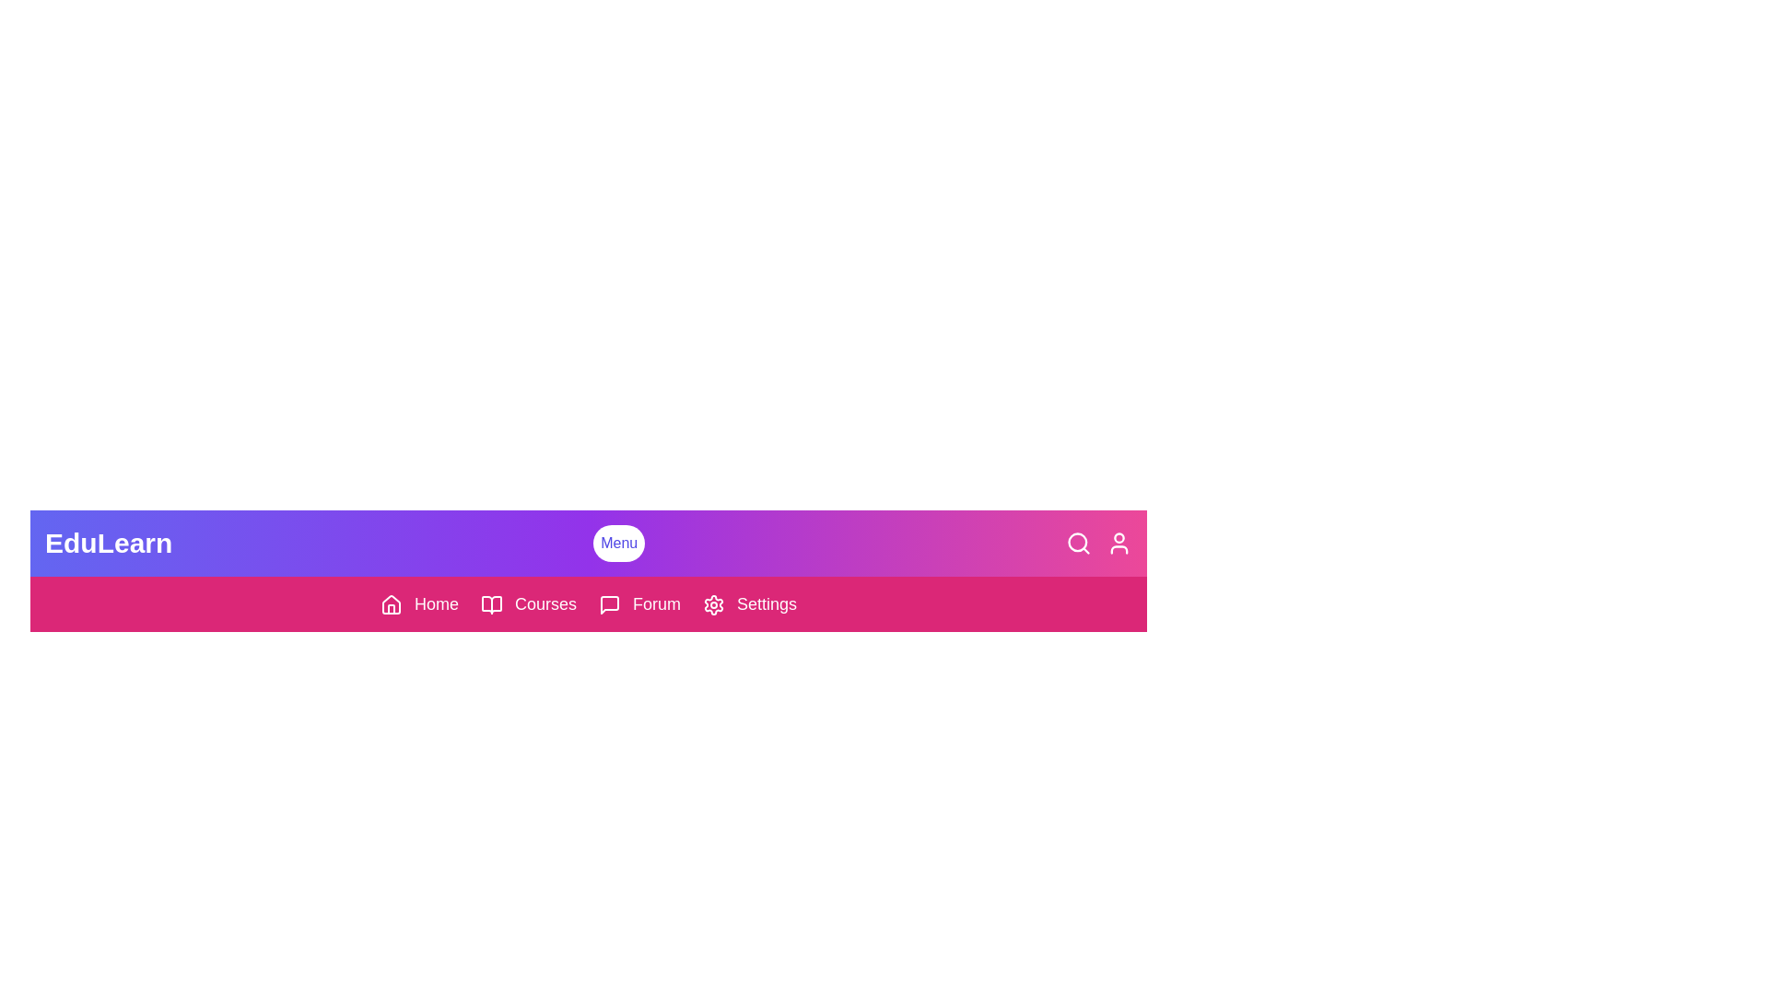 The width and height of the screenshot is (1769, 995). I want to click on the 'Forum' navigation link, so click(639, 603).